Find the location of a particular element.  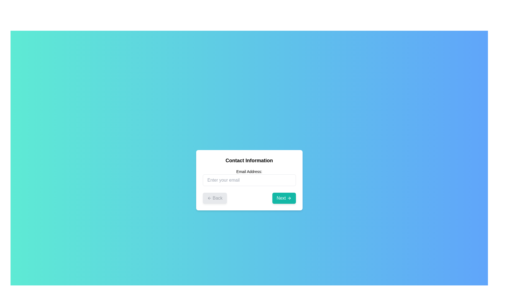

the 'Next' button which contains a small, right-facing white arrow icon on a teal background to proceed is located at coordinates (289, 198).